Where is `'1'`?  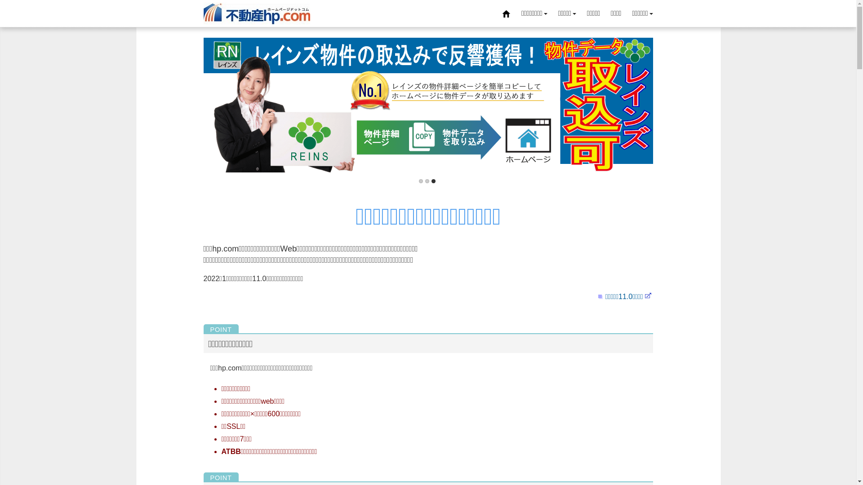
'1' is located at coordinates (420, 181).